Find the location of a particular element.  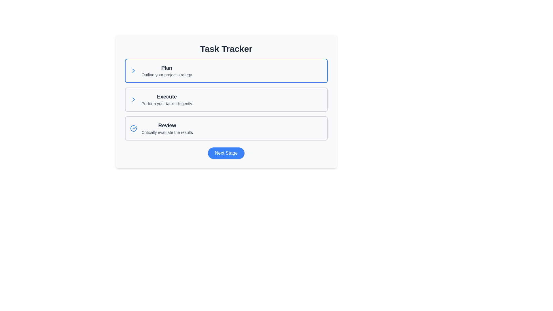

the text label that contains the phrase 'Outline your project strategy', which is styled in a small, gray font and located directly beneath the 'Plan' header in the task tracker interface is located at coordinates (166, 74).